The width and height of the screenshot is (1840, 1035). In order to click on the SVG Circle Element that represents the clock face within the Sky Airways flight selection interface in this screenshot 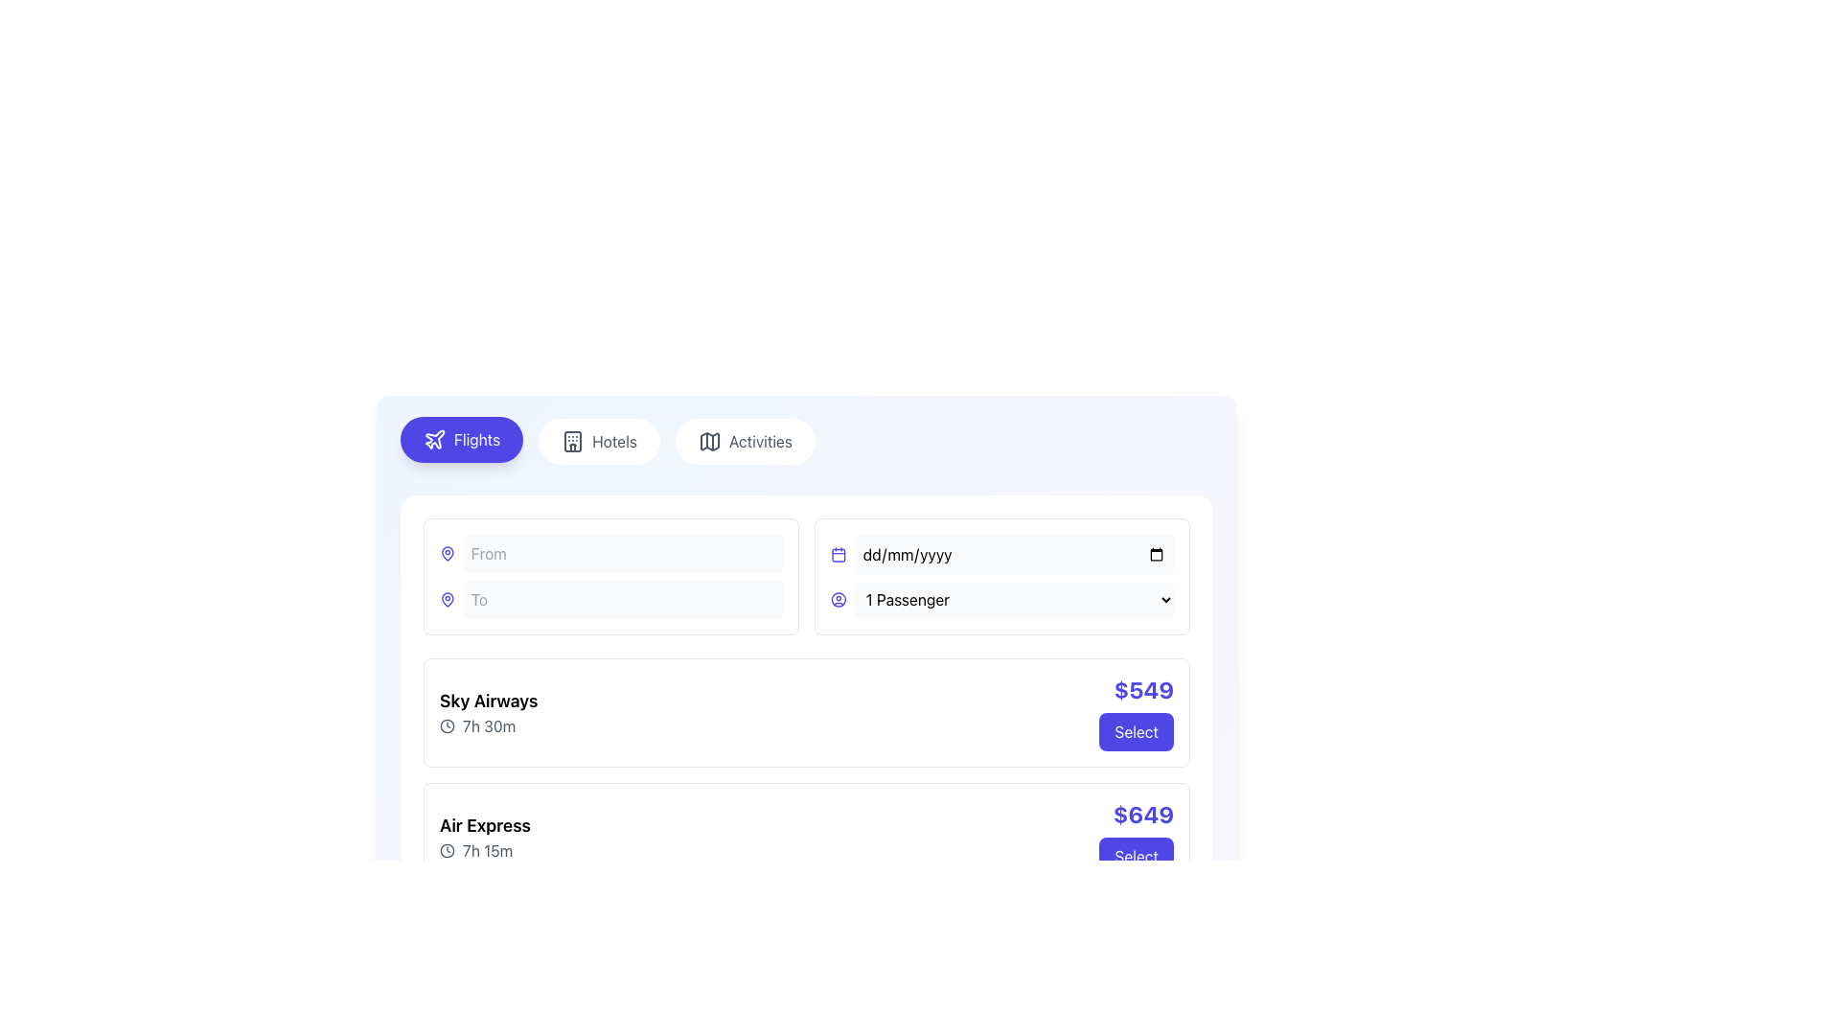, I will do `click(997, 713)`.